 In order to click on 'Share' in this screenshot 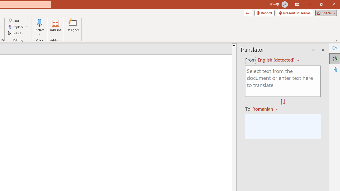, I will do `click(325, 12)`.